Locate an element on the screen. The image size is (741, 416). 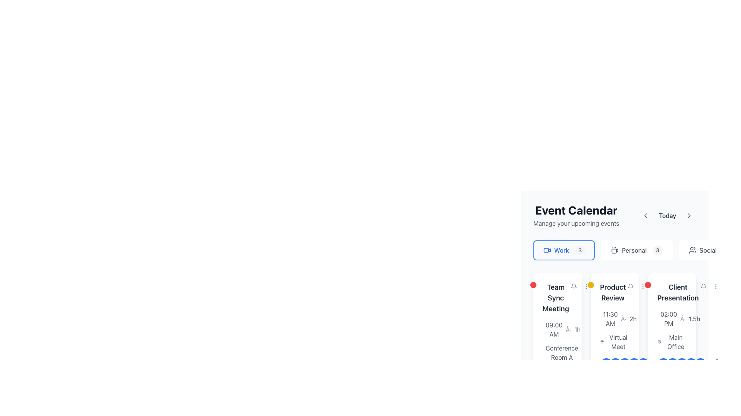
the bell icon component within the SVG object representing notifications, located in the top-right corner of the calendar interface is located at coordinates (630, 286).